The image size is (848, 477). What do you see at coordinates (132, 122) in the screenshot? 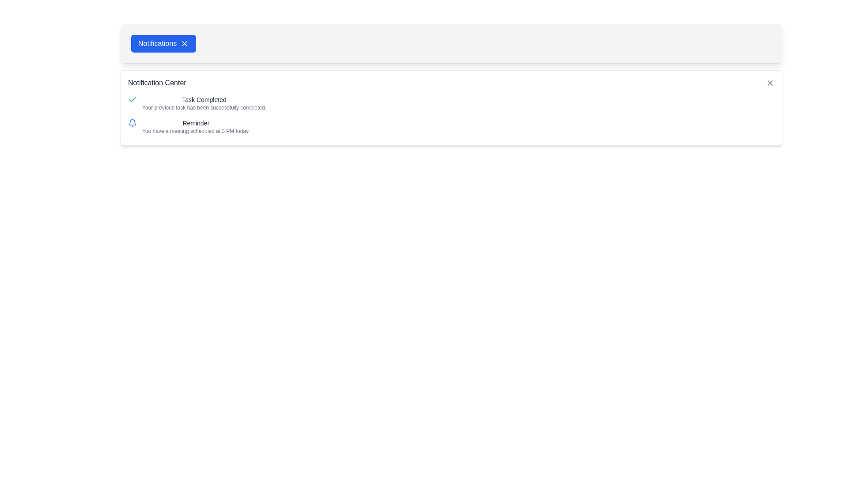
I see `the bell icon vector graphic located in the upper-left area of the Notification Center panel` at bounding box center [132, 122].